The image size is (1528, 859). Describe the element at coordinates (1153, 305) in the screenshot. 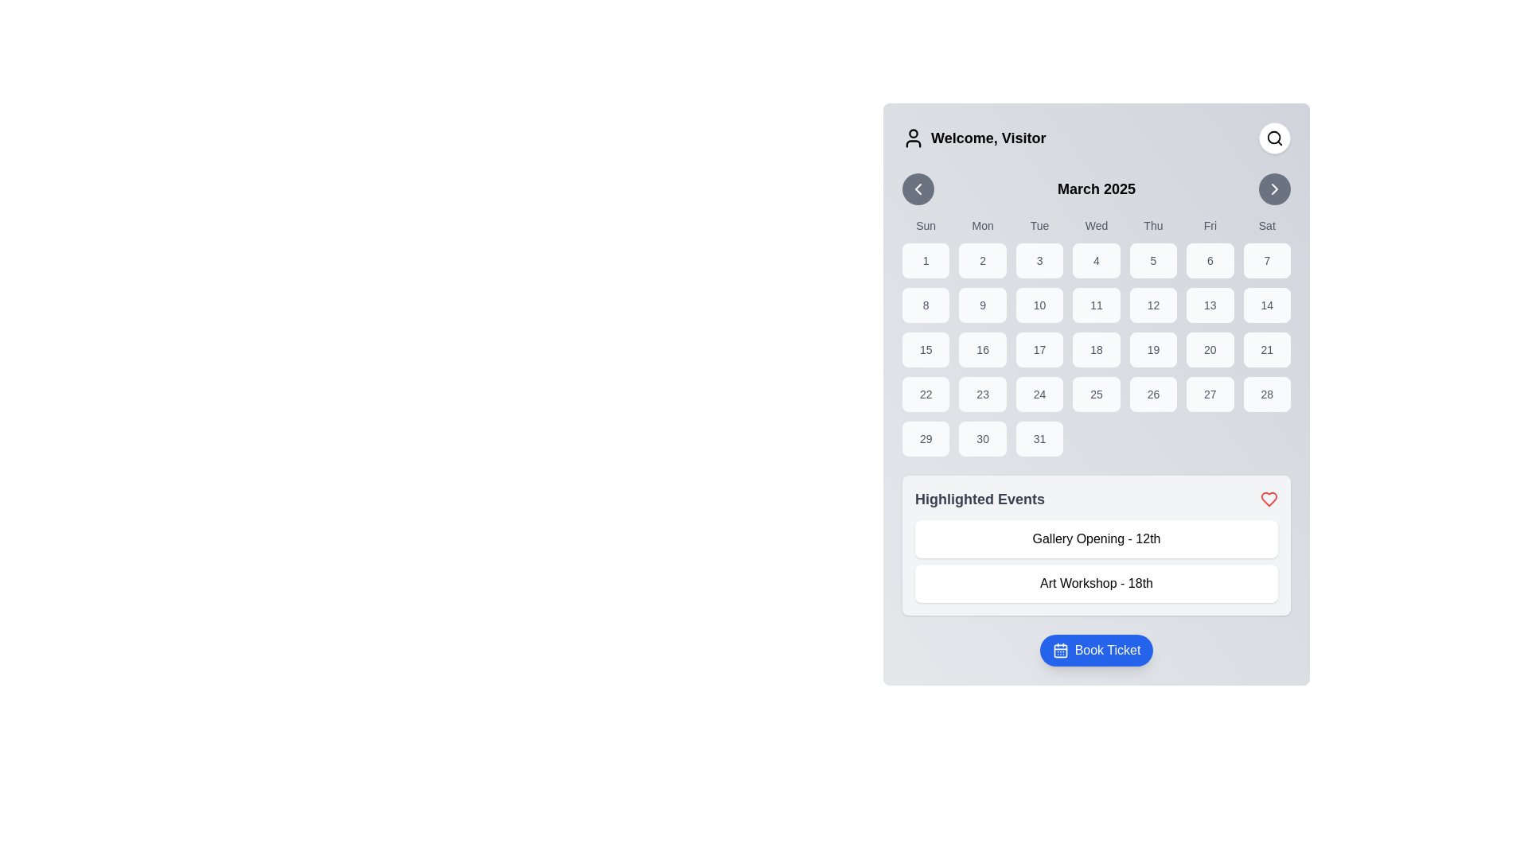

I see `the date cell representing '12' in the calendar grid for March 12, 2025` at that location.